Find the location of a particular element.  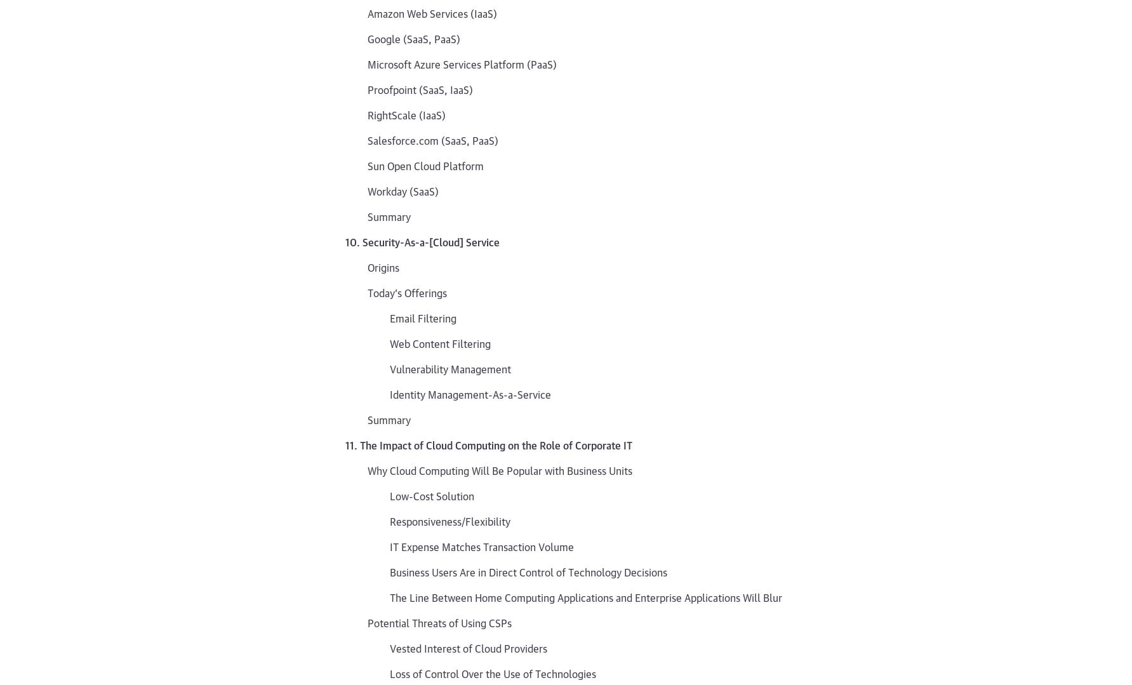

'Email Filtering' is located at coordinates (423, 317).